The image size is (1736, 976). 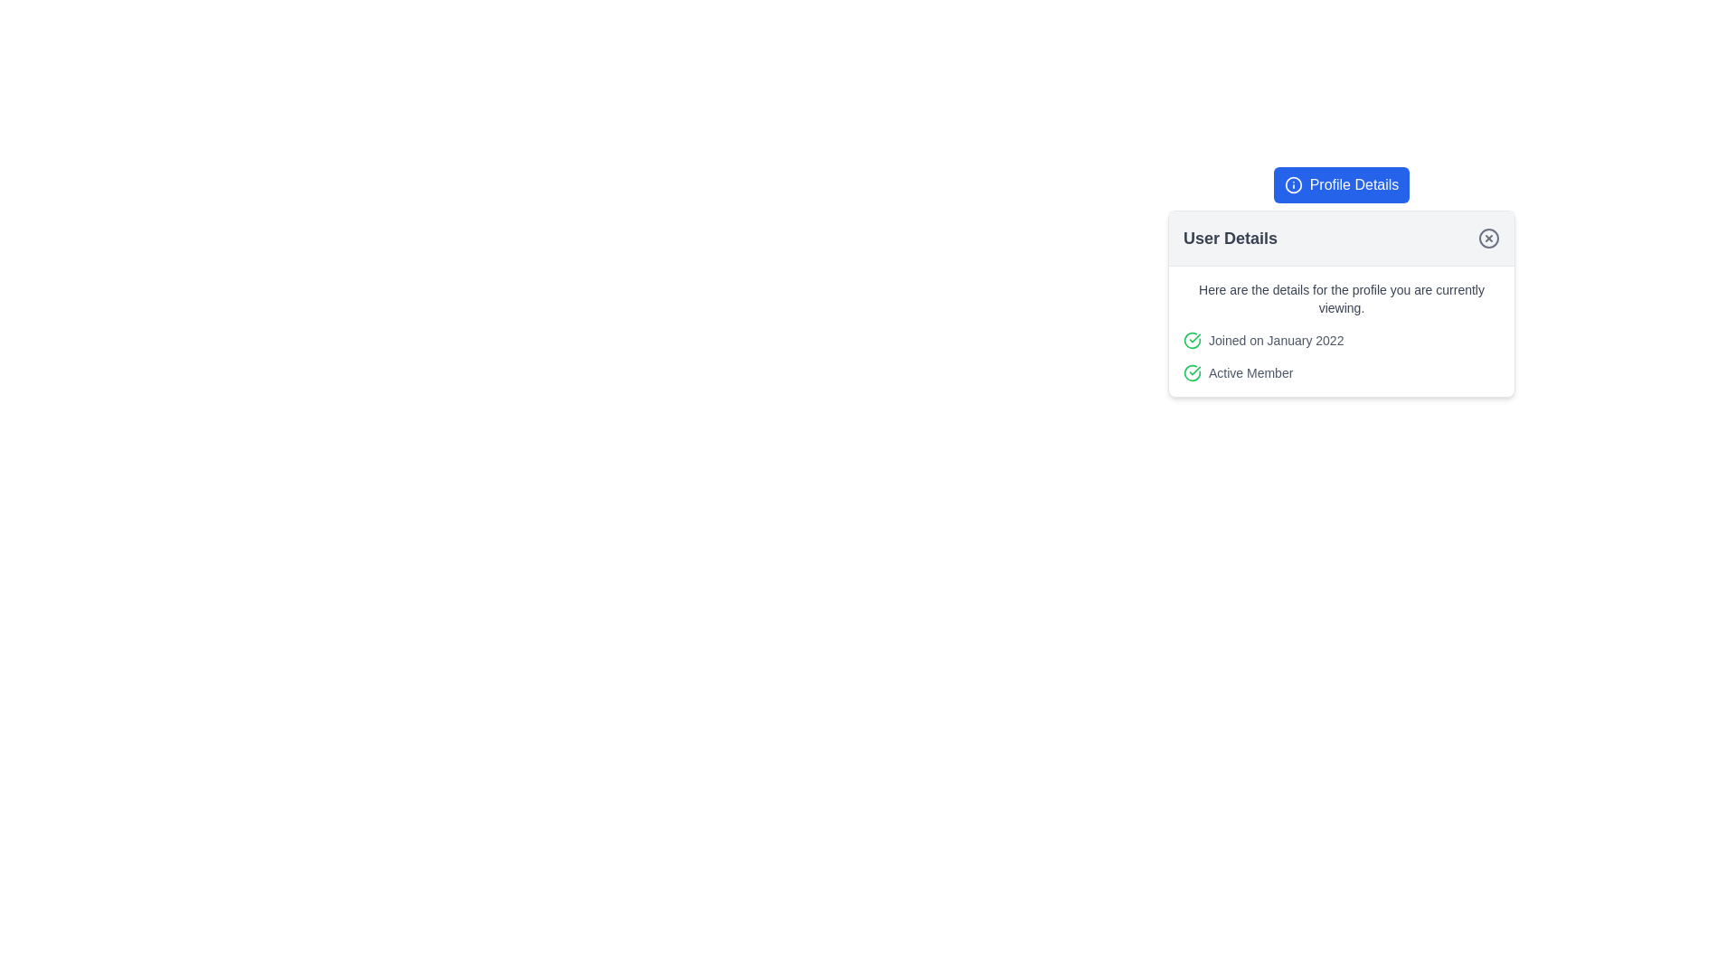 What do you see at coordinates (1250, 371) in the screenshot?
I see `the text label displaying 'Active Member' in gray font, located within the user information card under the 'User Details' section` at bounding box center [1250, 371].